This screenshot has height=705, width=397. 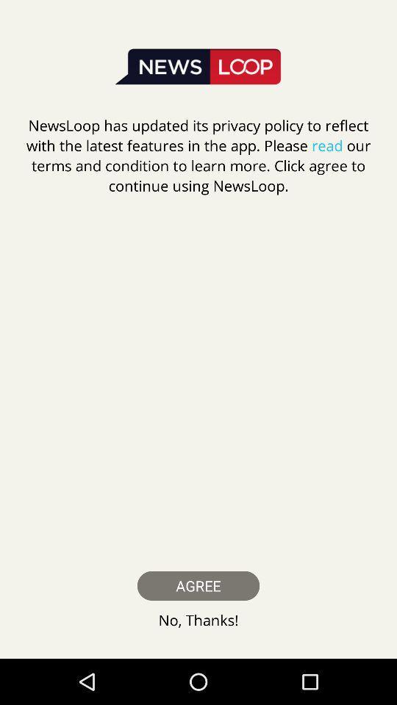 What do you see at coordinates (198, 619) in the screenshot?
I see `icon below agree item` at bounding box center [198, 619].